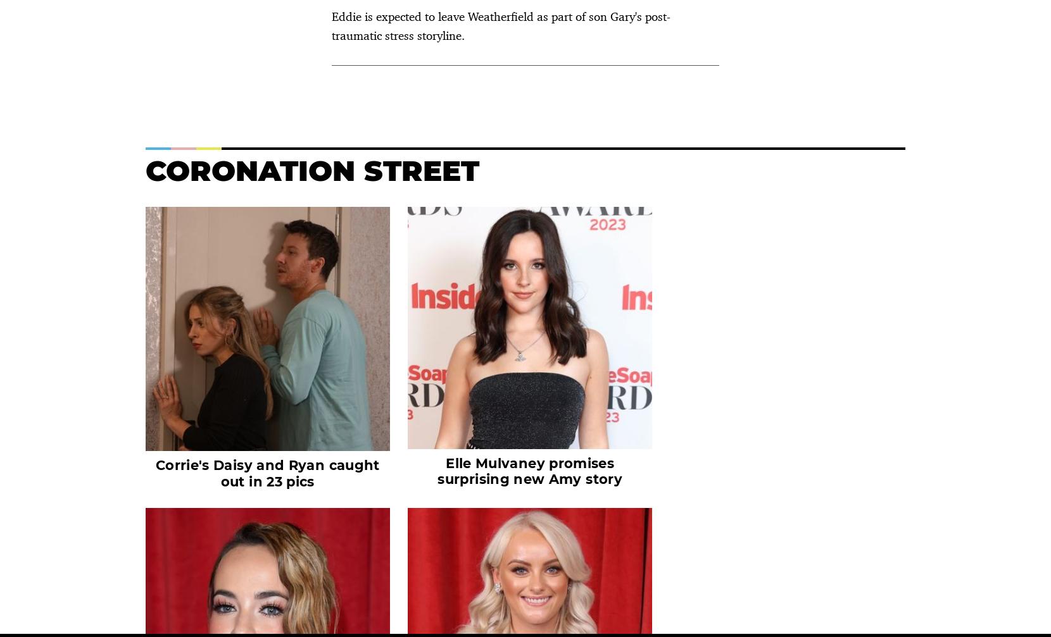 The image size is (1051, 637). What do you see at coordinates (726, 268) in the screenshot?
I see `'Neighbours'` at bounding box center [726, 268].